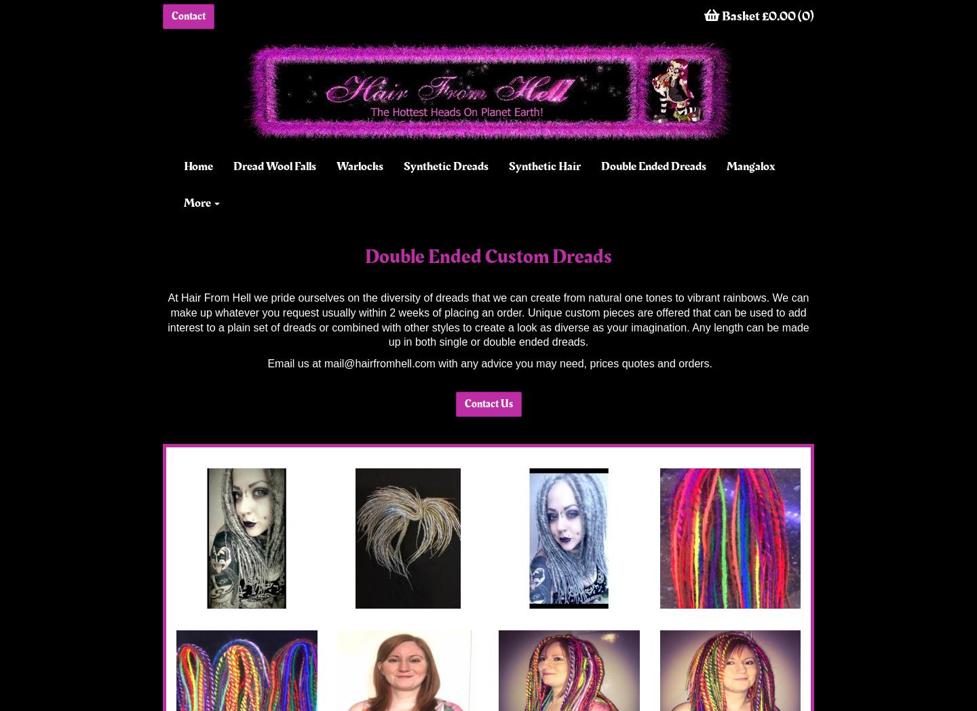 Image resolution: width=977 pixels, height=711 pixels. I want to click on 'More', so click(197, 203).